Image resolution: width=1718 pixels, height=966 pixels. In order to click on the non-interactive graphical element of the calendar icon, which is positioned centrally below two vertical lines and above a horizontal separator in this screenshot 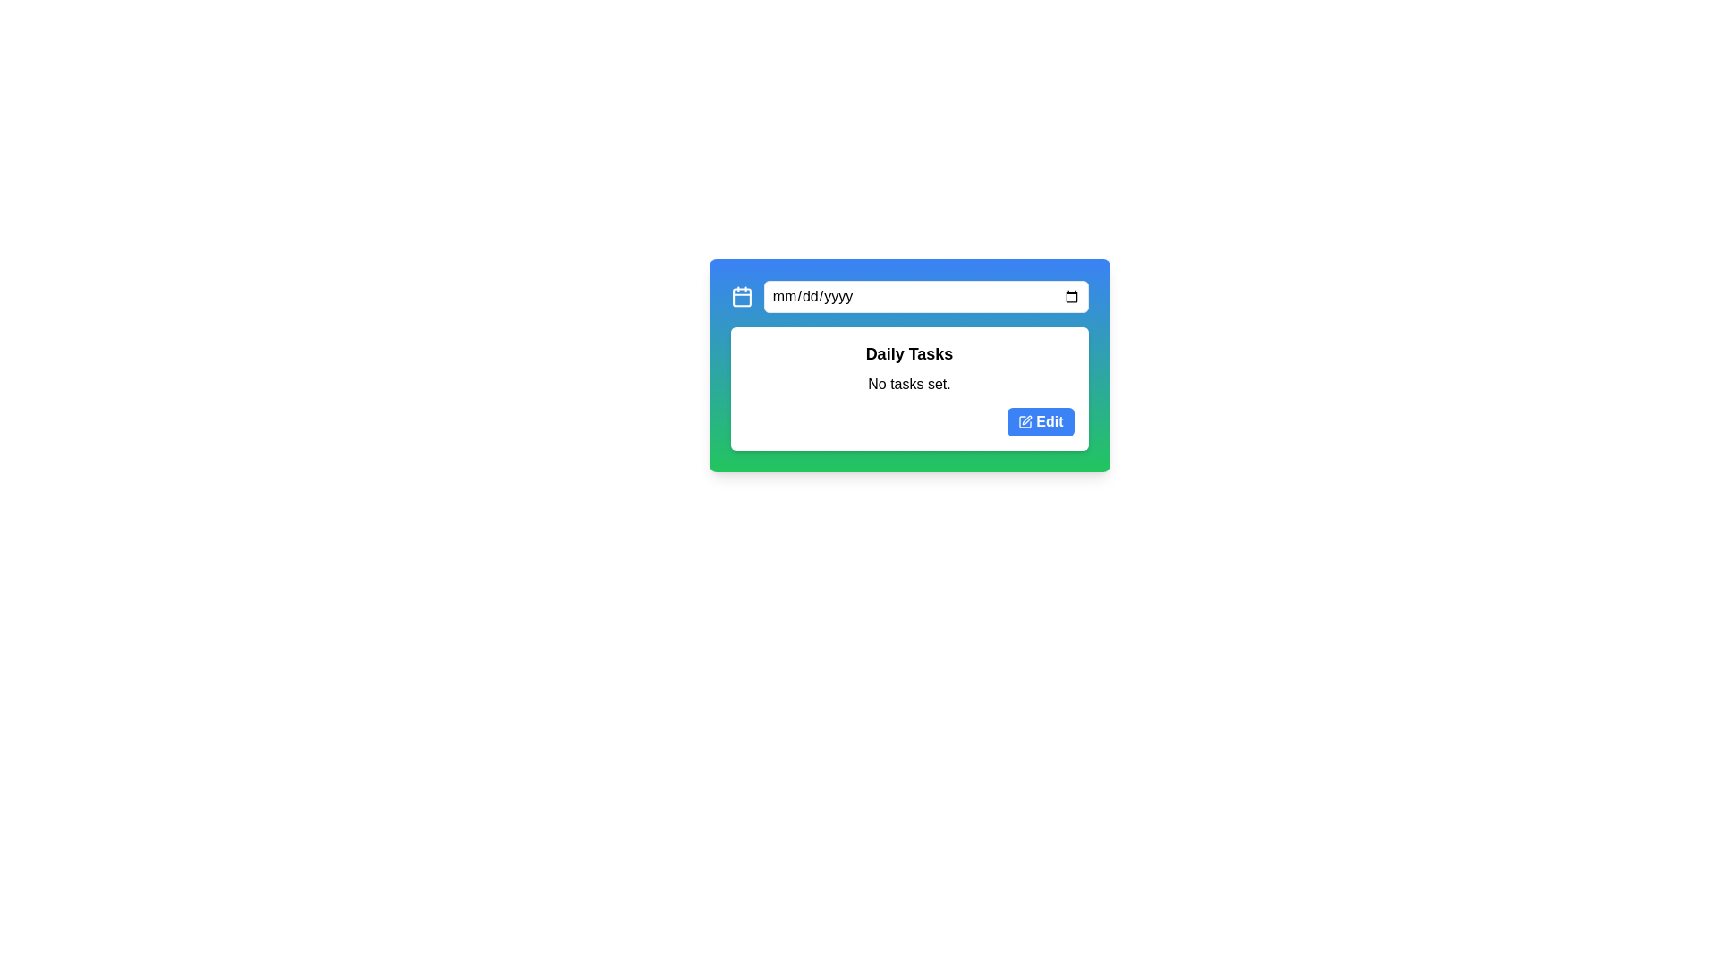, I will do `click(742, 297)`.